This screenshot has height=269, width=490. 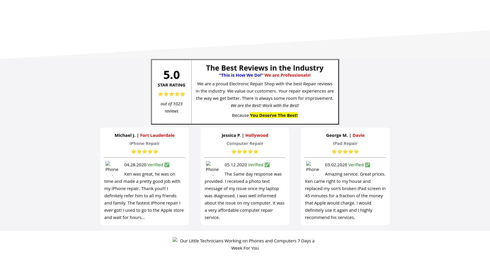 What do you see at coordinates (171, 74) in the screenshot?
I see `'5.0'` at bounding box center [171, 74].